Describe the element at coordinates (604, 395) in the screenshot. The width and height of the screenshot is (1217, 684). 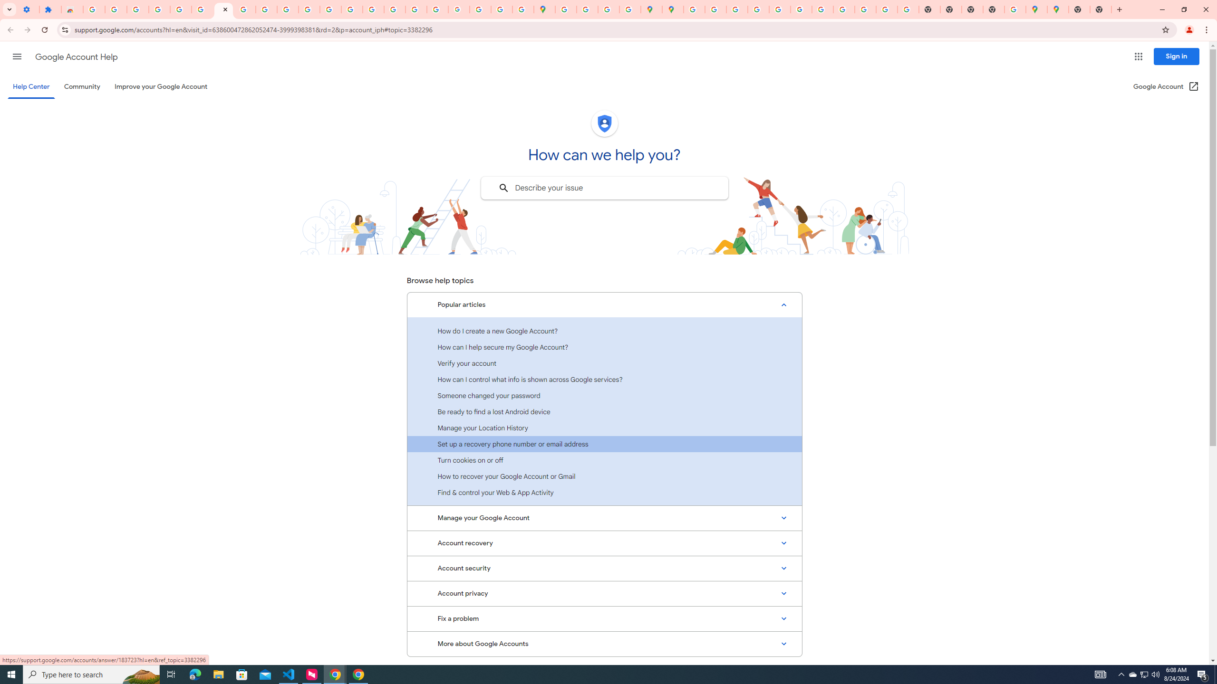
I see `'Someone changed your password'` at that location.